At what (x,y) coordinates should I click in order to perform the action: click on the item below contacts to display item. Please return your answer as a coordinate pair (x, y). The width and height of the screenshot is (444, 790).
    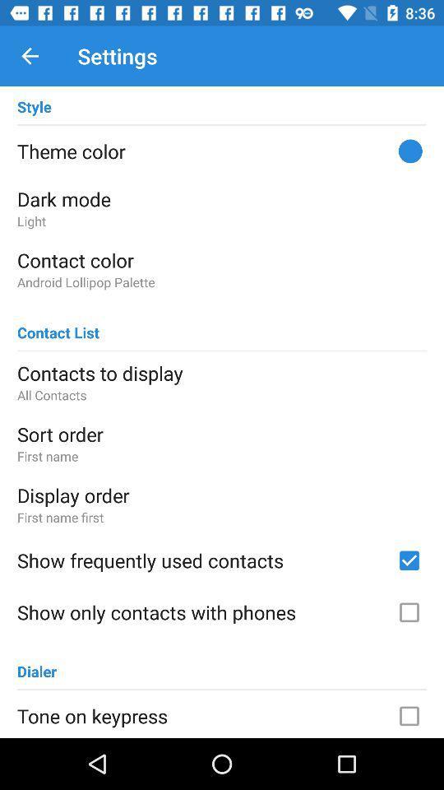
    Looking at the image, I should click on (222, 395).